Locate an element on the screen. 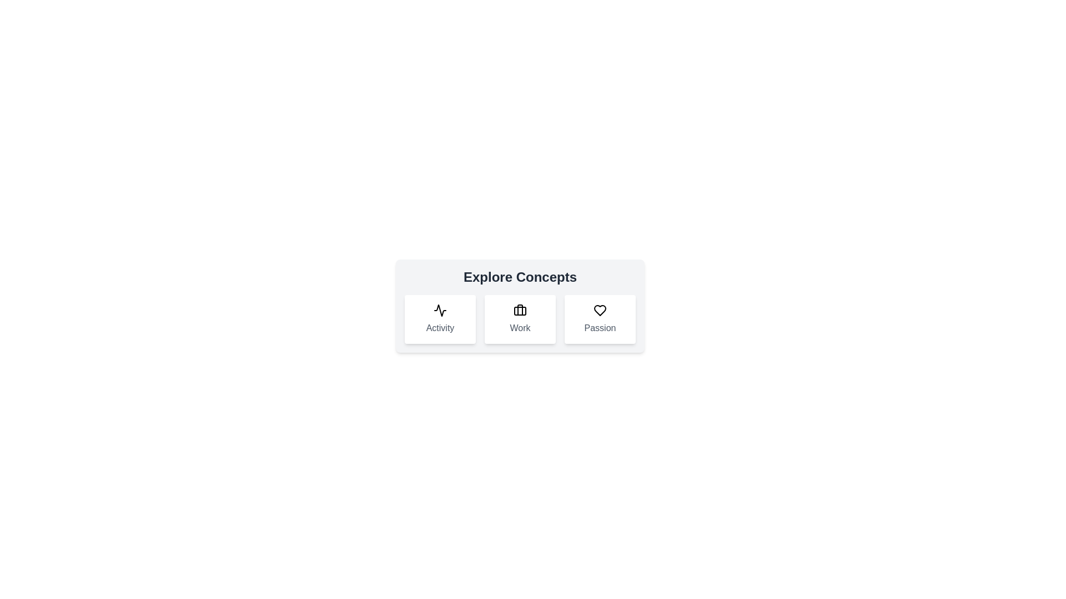  the heart-shaped icon outlined in black with a hollow center, located in the central position of the 'Passion' box under 'Explore Concepts' is located at coordinates (599, 310).